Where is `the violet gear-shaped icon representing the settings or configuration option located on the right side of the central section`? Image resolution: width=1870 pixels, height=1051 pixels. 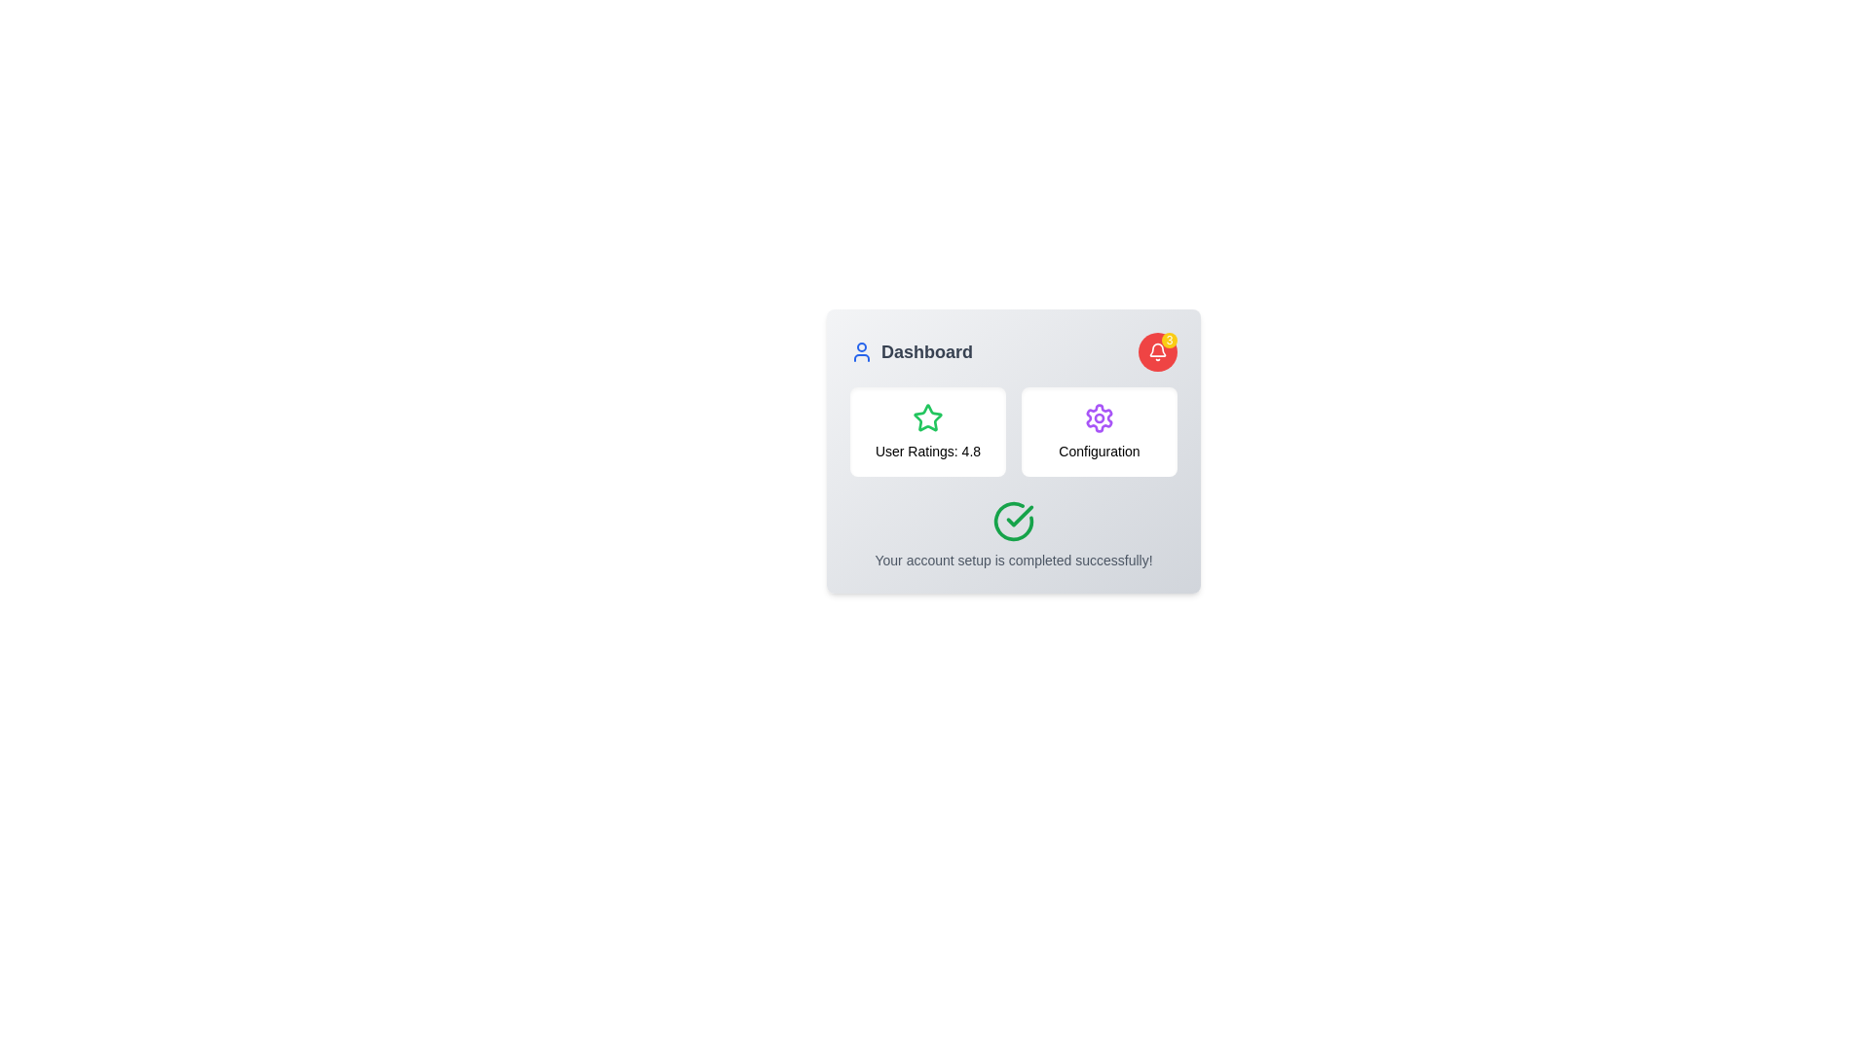
the violet gear-shaped icon representing the settings or configuration option located on the right side of the central section is located at coordinates (1099, 417).